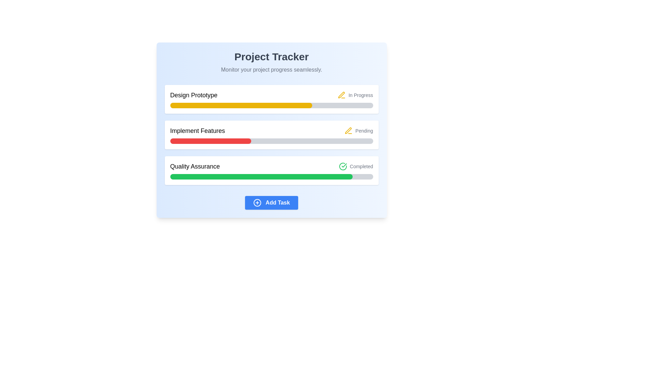 This screenshot has height=370, width=658. Describe the element at coordinates (348, 131) in the screenshot. I see `the progress status icon indicating 'In Progress' for the 'Design Prototype' task, located next to the yellow progress bar` at that location.